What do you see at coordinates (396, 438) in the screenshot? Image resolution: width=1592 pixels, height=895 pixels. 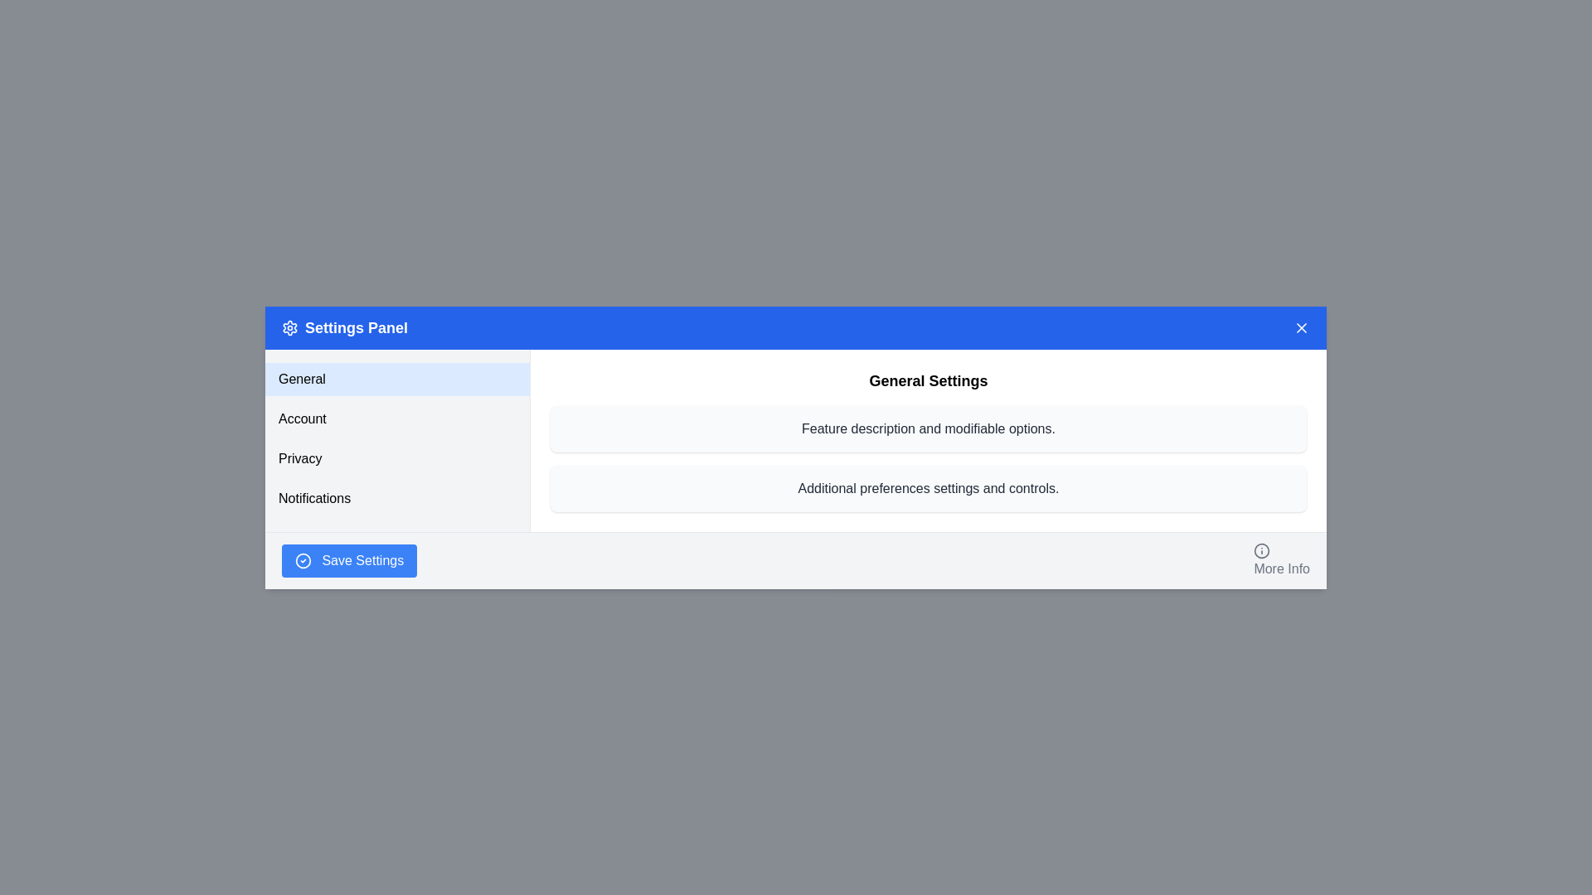 I see `to select a menu item from the vertical navigation menu located in the left-hand section of the interface under the 'Settings Panel'` at bounding box center [396, 438].